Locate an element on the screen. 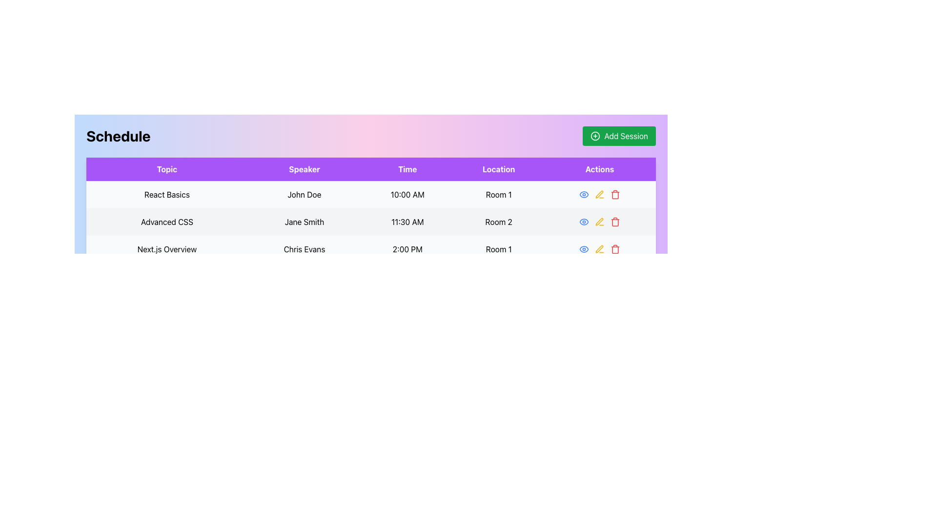 The image size is (937, 527). the 'Add Session' button with a green background and white text, located at the top-right corner next to the 'Schedule' title is located at coordinates (619, 136).